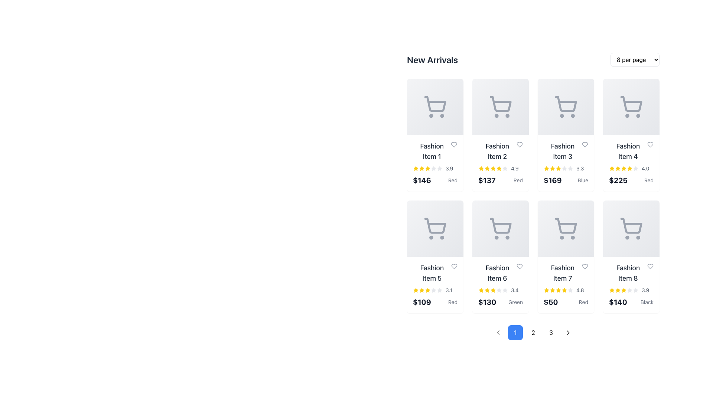  I want to click on the text label reading 'Fashion Item 1', so click(432, 151).